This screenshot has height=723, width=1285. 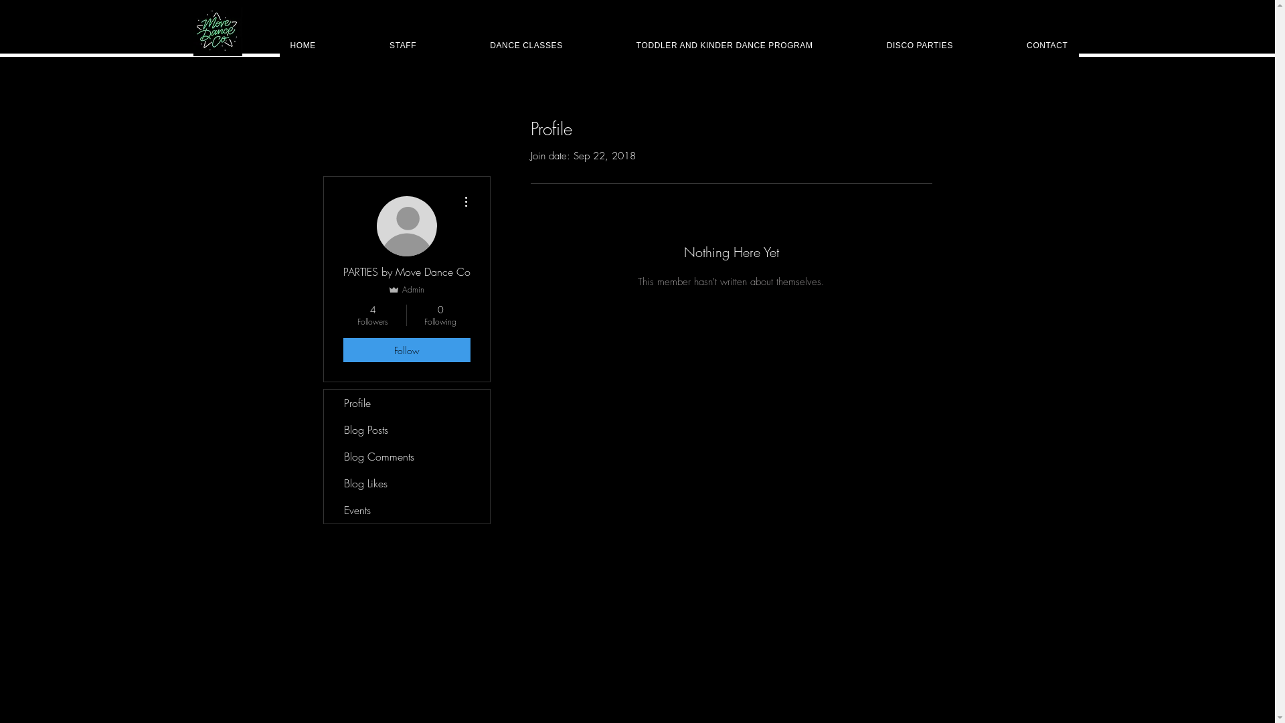 I want to click on 'Events', so click(x=324, y=510).